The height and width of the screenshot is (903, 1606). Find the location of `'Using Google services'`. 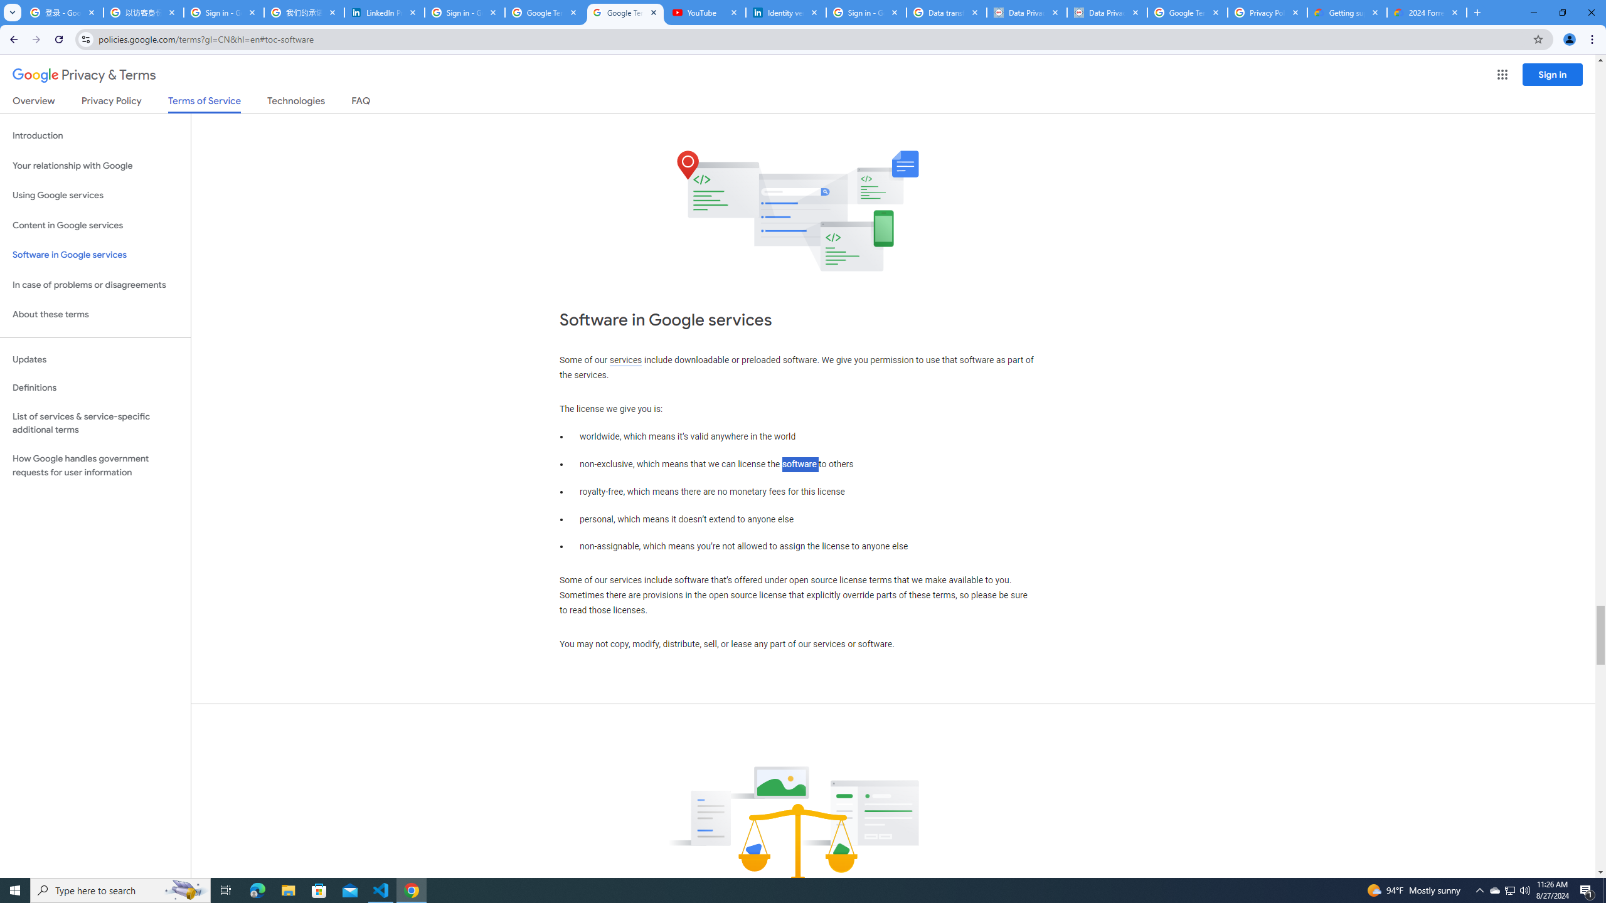

'Using Google services' is located at coordinates (95, 194).